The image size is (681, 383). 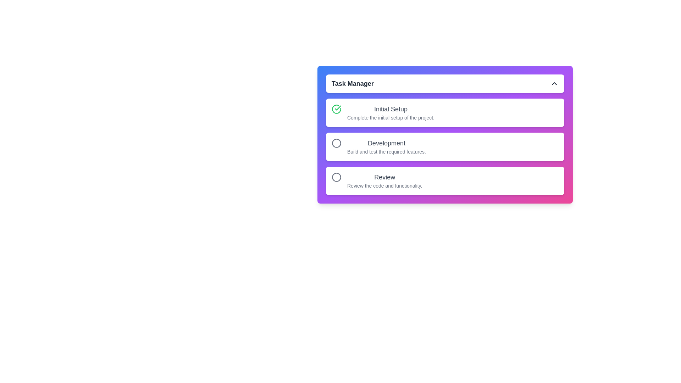 What do you see at coordinates (444, 146) in the screenshot?
I see `the task item corresponding to Development` at bounding box center [444, 146].